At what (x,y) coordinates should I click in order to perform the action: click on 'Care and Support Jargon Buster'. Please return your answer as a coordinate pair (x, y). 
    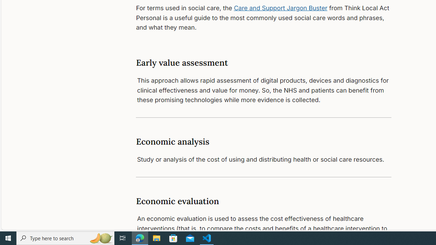
    Looking at the image, I should click on (281, 8).